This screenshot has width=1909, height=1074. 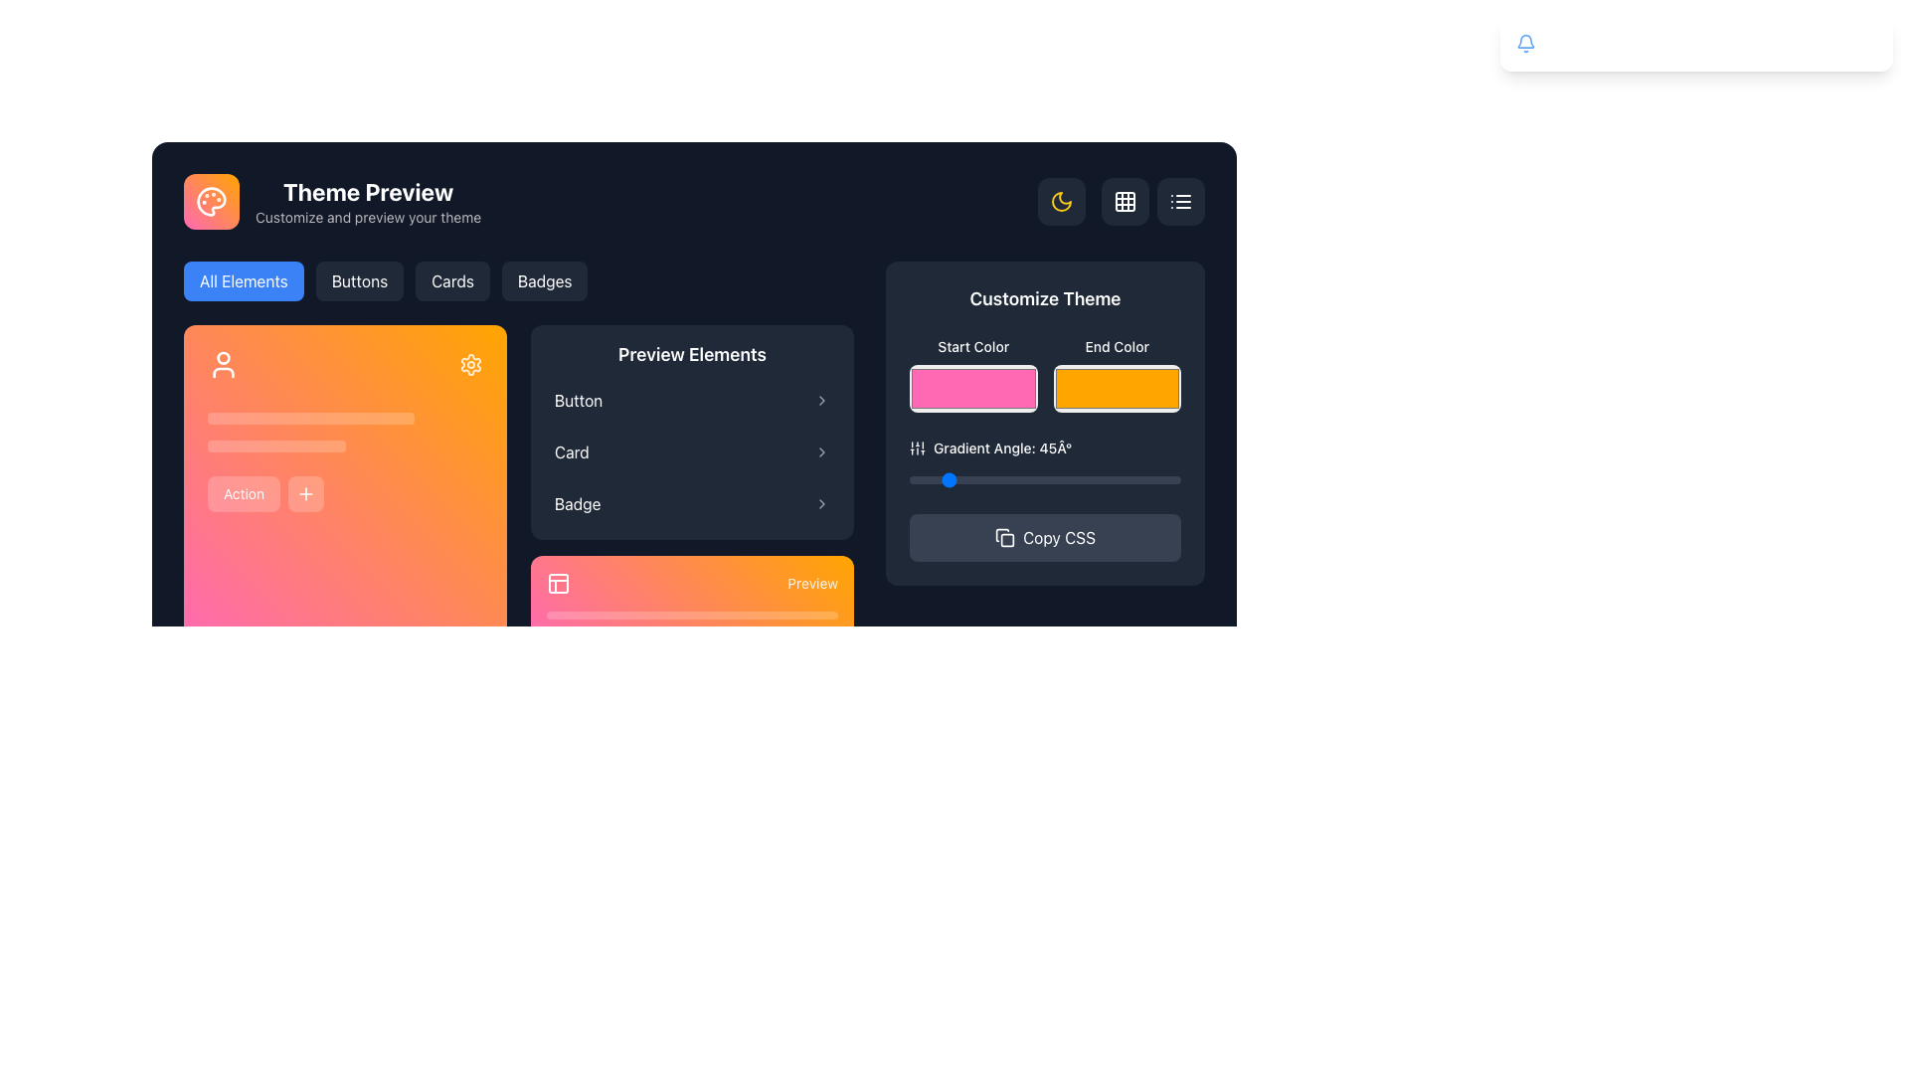 What do you see at coordinates (368, 218) in the screenshot?
I see `the label that says 'Customize and preview your theme', which is positioned below the 'Theme Preview' heading` at bounding box center [368, 218].